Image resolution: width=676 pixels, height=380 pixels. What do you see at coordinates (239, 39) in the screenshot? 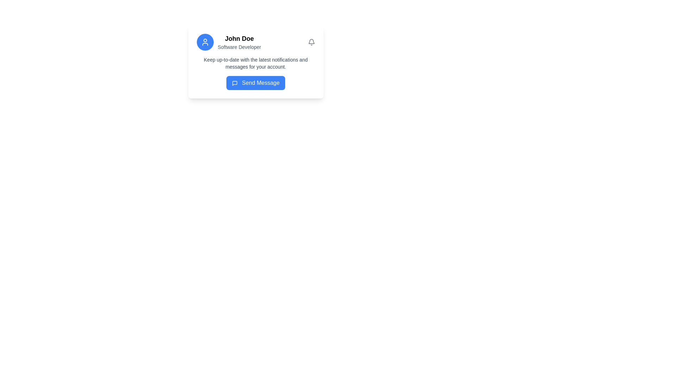
I see `the text display element that shows the user's name on the profile card, located at the upper-left of the user profile card, next to the circular user avatar icon` at bounding box center [239, 39].